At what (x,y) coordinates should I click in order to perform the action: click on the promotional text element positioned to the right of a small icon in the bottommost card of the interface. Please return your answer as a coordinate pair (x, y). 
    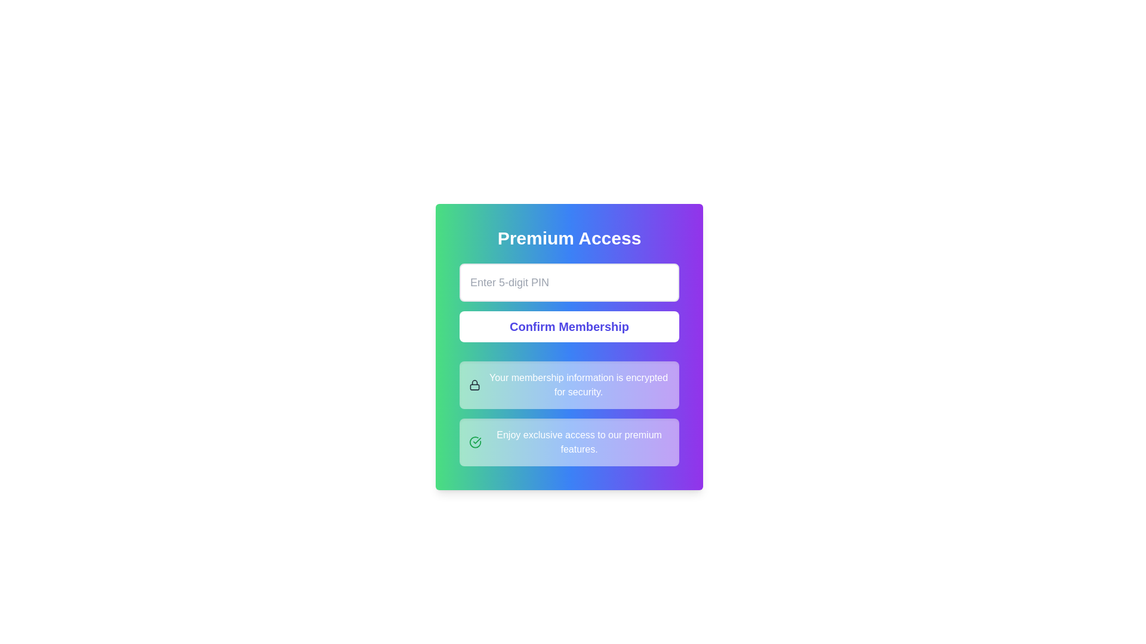
    Looking at the image, I should click on (579, 442).